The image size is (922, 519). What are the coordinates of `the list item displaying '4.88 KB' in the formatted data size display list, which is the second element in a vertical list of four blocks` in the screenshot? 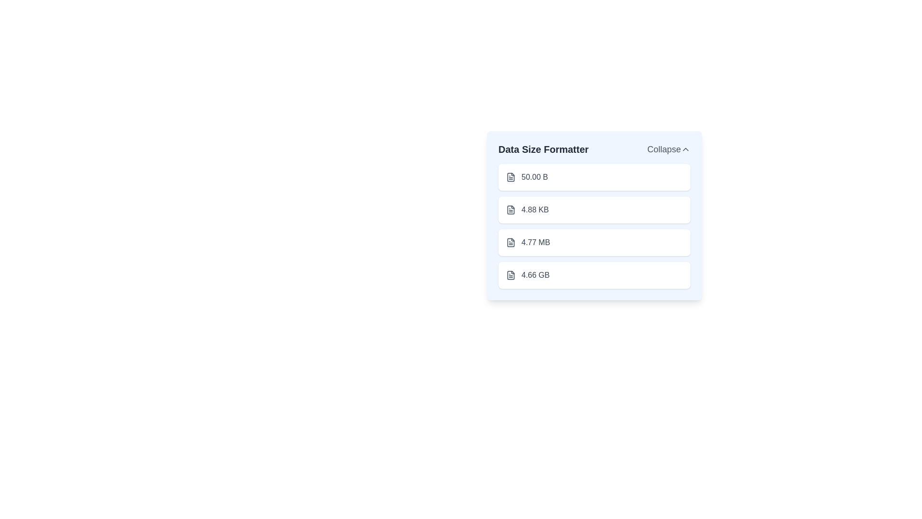 It's located at (594, 215).